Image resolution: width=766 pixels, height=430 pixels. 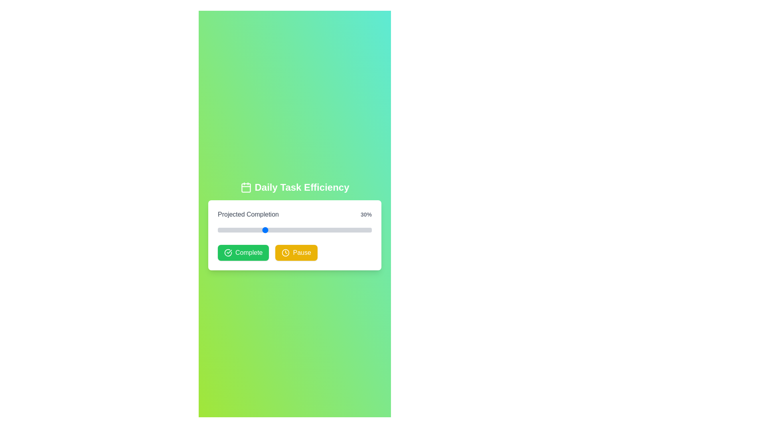 I want to click on the progress slider to 17%, so click(x=243, y=230).